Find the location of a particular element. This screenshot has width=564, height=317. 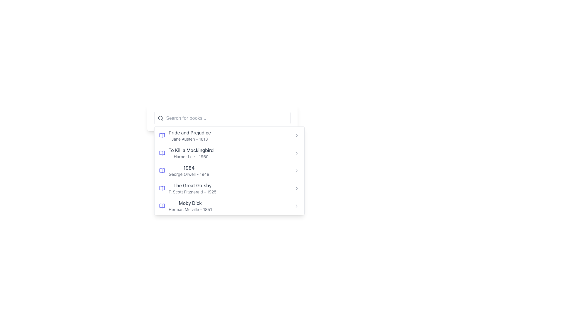

the dropdown menu item titled '1984' by 'George Orwell - 1949' is located at coordinates (222, 163).